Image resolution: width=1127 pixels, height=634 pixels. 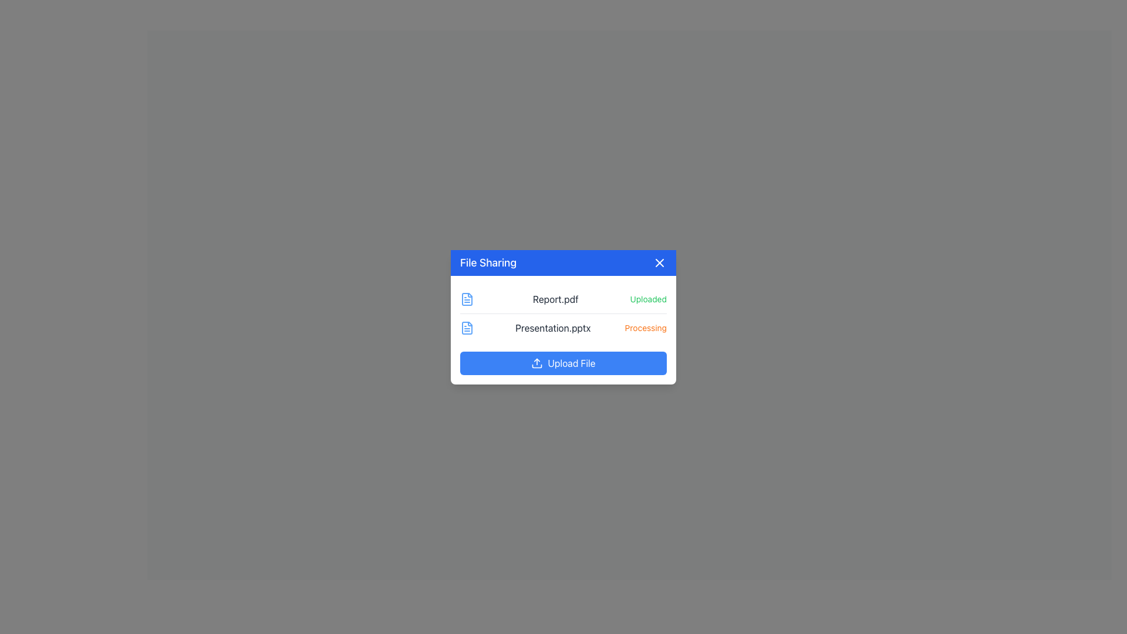 I want to click on the close button located at the top-right corner of the 'File Sharing' modal interface, so click(x=659, y=262).